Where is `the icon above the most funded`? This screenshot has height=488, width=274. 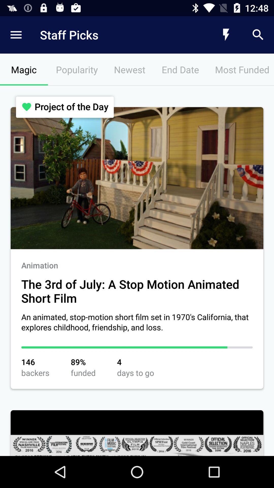
the icon above the most funded is located at coordinates (226, 35).